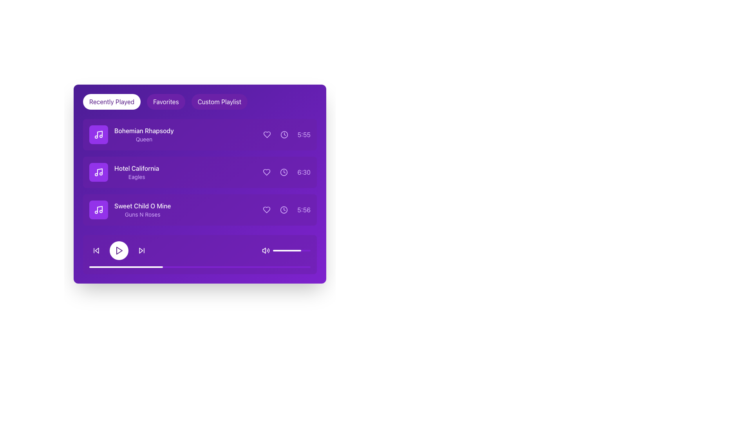  What do you see at coordinates (157, 267) in the screenshot?
I see `the progress bar` at bounding box center [157, 267].